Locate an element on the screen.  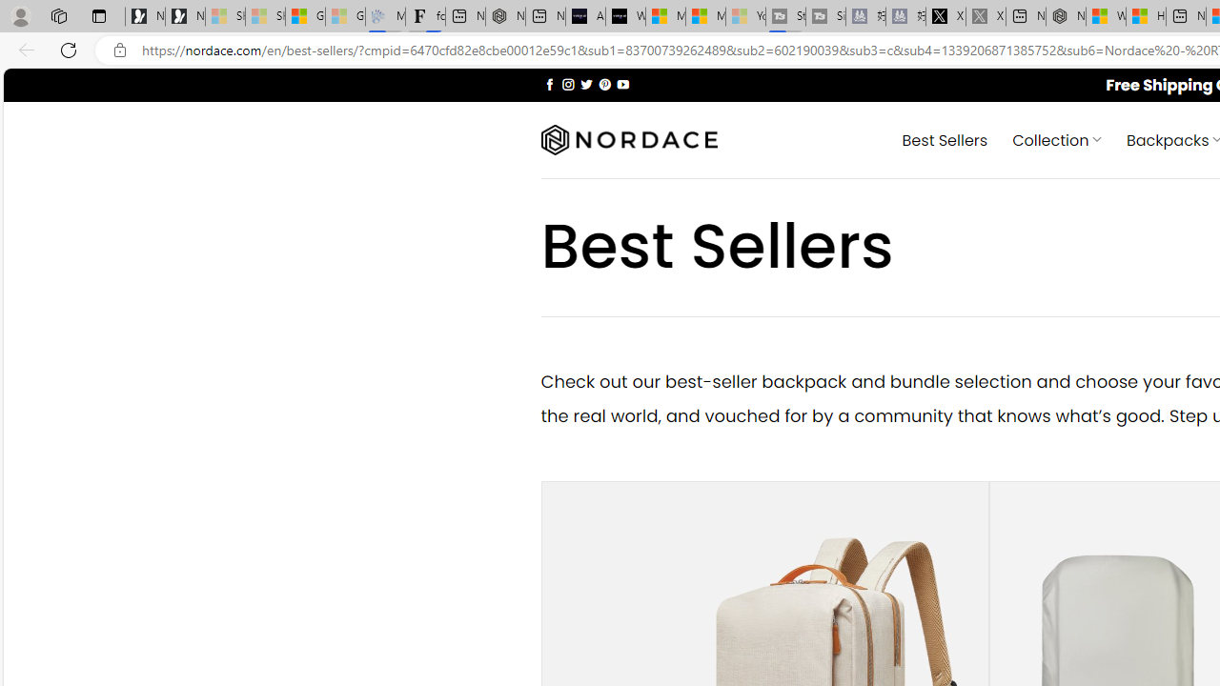
'Wildlife - MSN' is located at coordinates (1106, 16).